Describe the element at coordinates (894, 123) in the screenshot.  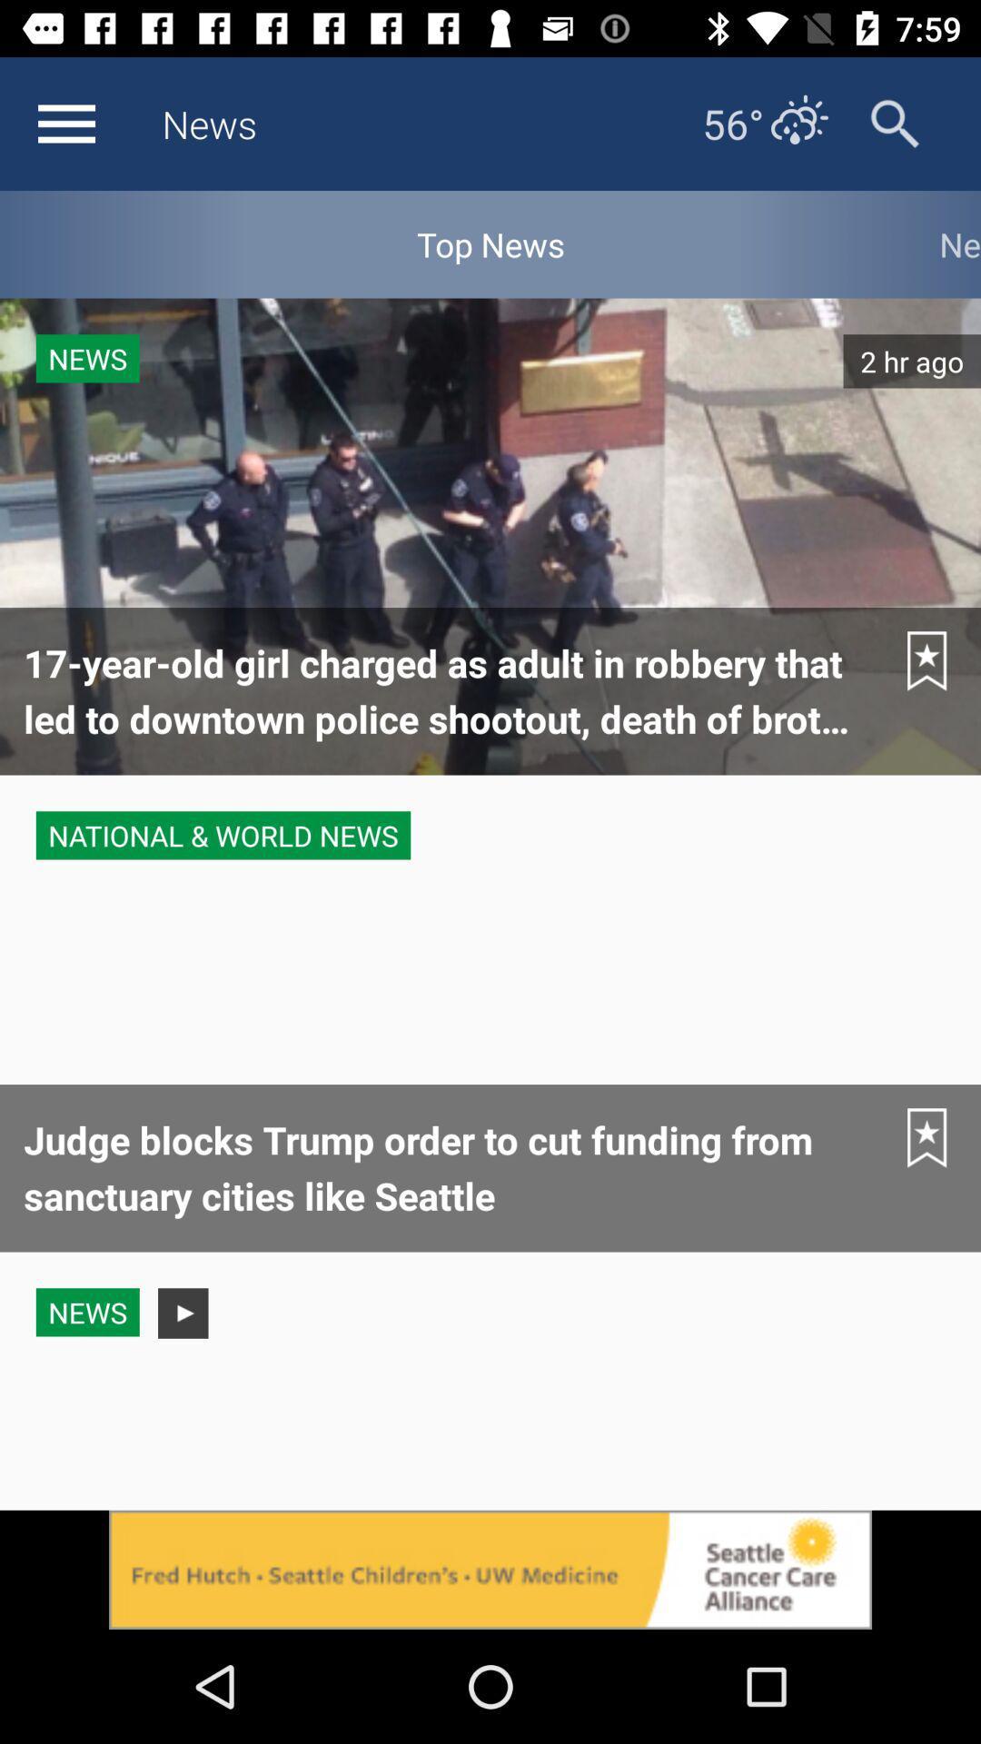
I see `search` at that location.